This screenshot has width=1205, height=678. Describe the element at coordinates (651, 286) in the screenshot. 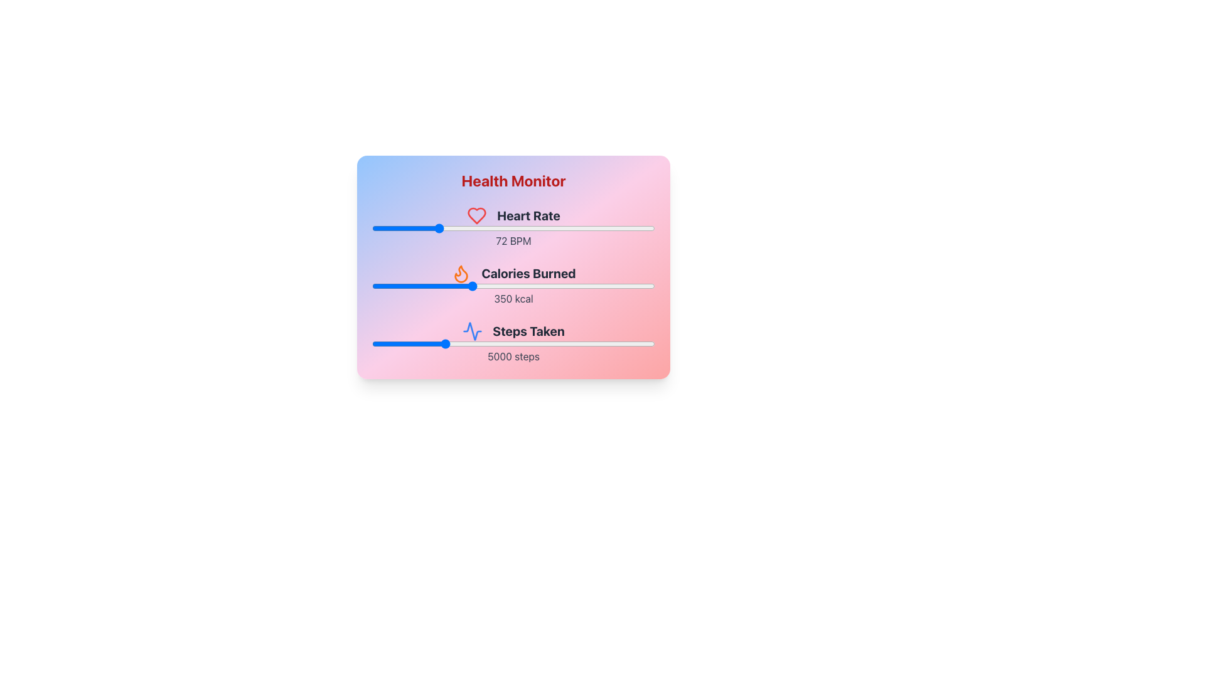

I see `the calories burned slider` at that location.